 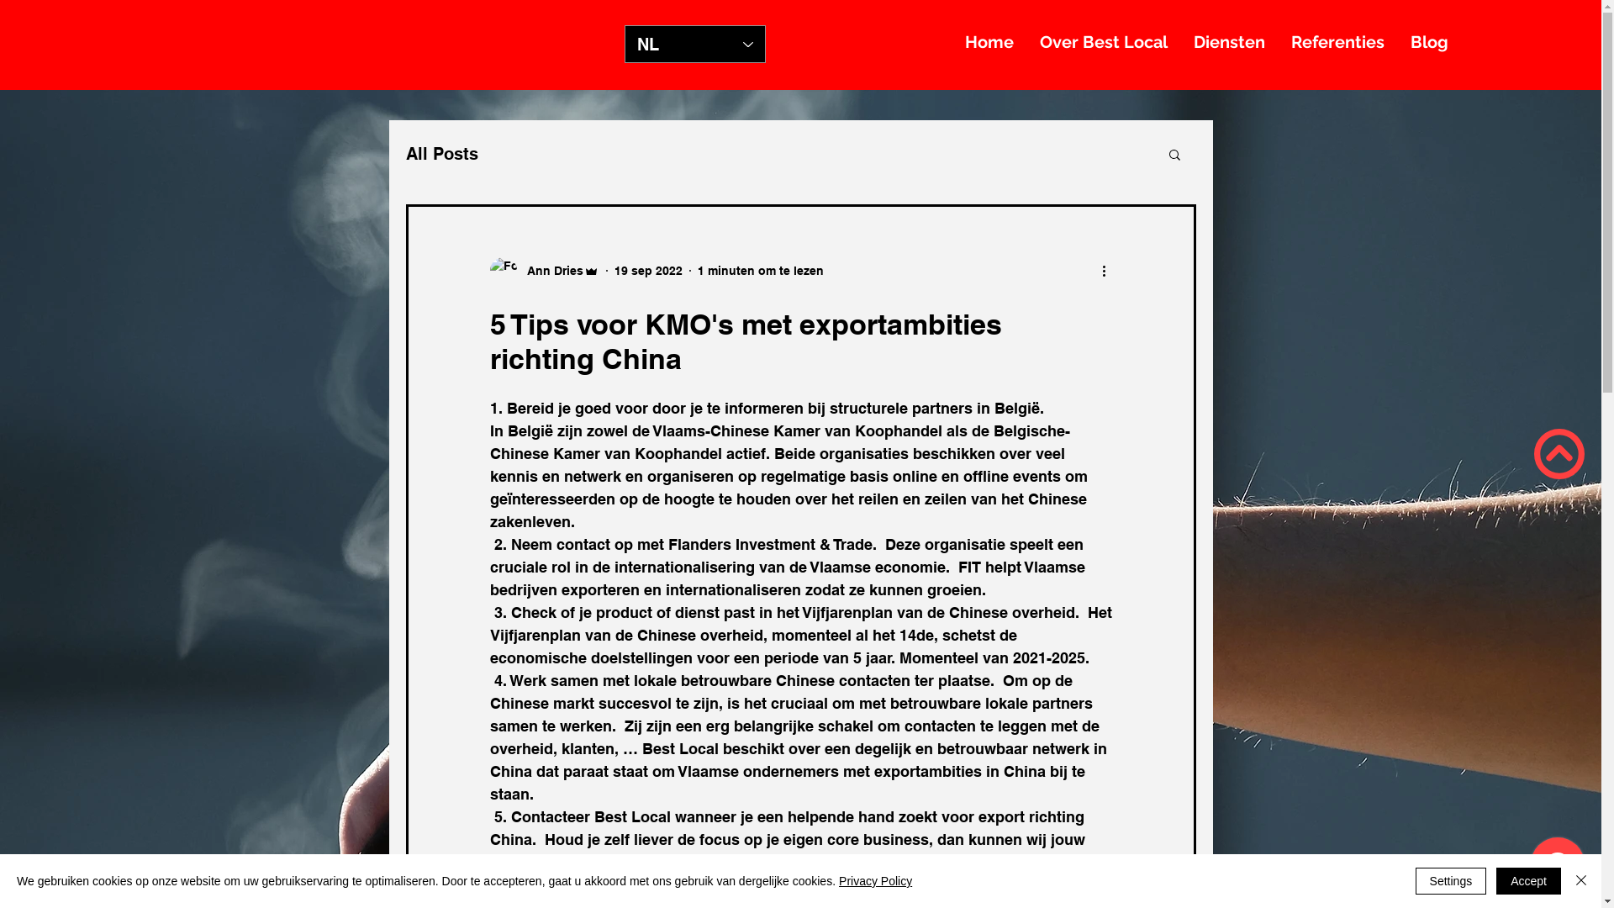 I want to click on 'Diensten', so click(x=1229, y=41).